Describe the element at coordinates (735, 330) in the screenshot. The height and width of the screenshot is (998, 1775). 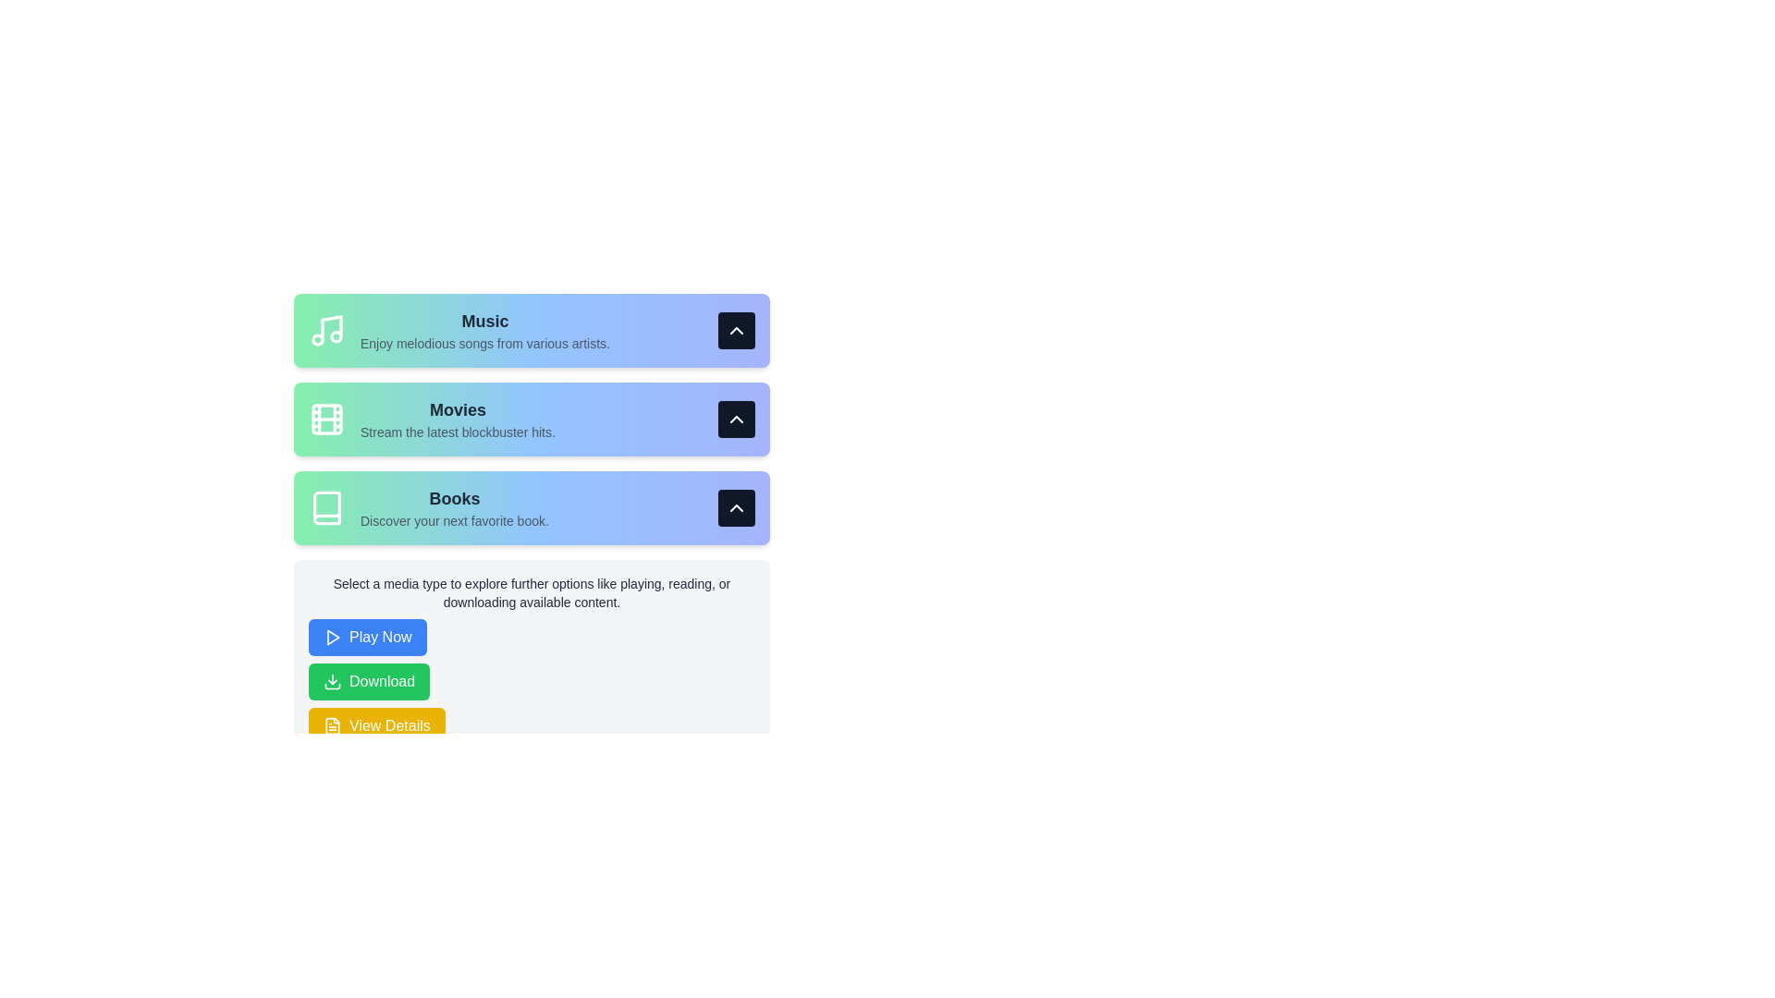
I see `the interactive button located at the top-right corner of the 'Music' list item box` at that location.